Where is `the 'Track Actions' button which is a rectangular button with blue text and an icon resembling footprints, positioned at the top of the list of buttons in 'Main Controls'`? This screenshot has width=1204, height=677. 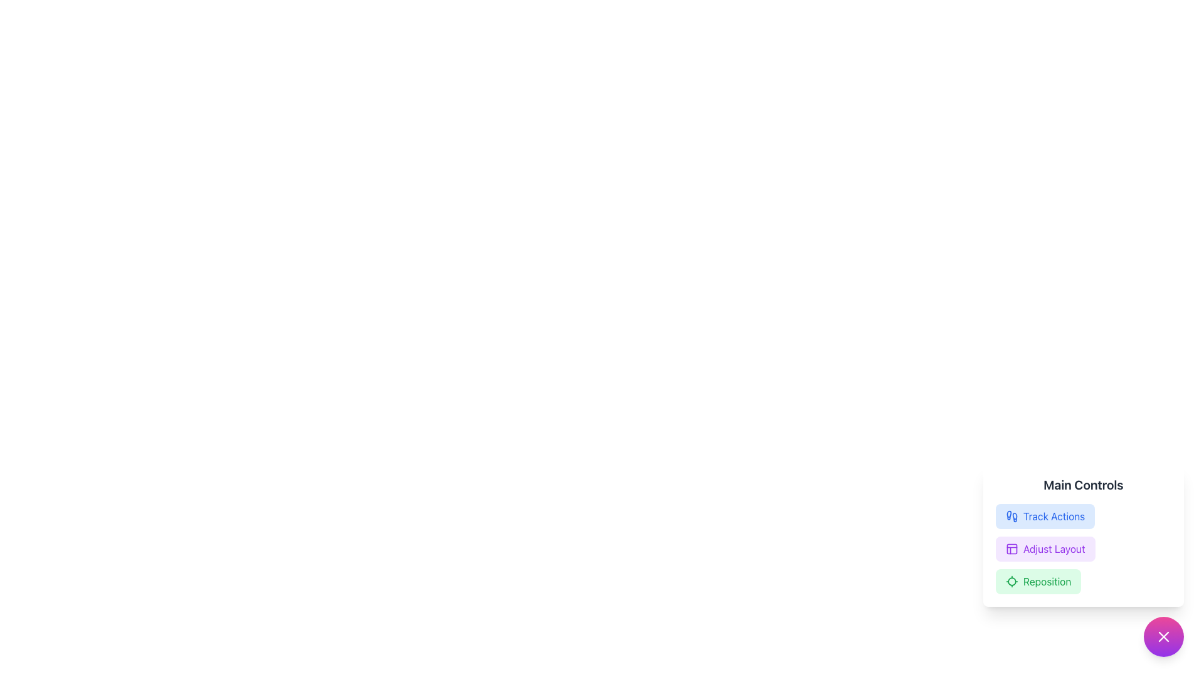 the 'Track Actions' button which is a rectangular button with blue text and an icon resembling footprints, positioned at the top of the list of buttons in 'Main Controls' is located at coordinates (1045, 517).